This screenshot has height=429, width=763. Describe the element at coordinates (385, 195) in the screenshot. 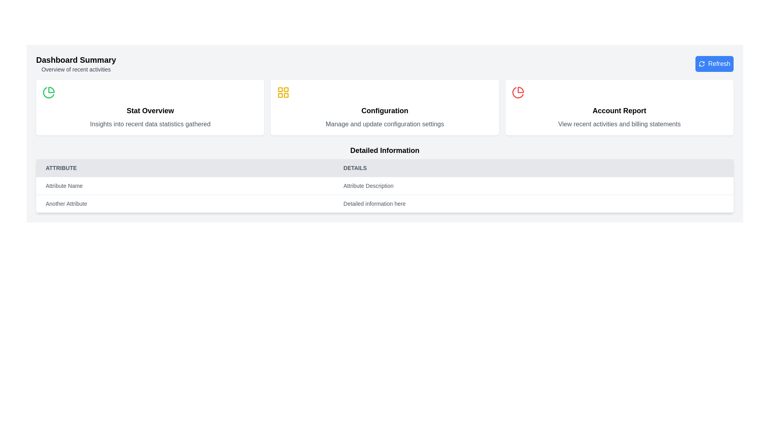

I see `text in the Data Presentation Section located under the 'Detailed Information' heading, which contains attributes and their descriptions formatted in a table-like structure` at that location.